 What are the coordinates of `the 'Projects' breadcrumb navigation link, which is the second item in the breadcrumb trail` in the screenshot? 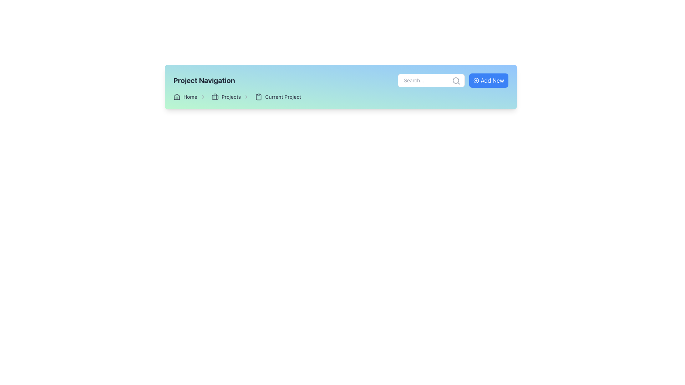 It's located at (230, 97).